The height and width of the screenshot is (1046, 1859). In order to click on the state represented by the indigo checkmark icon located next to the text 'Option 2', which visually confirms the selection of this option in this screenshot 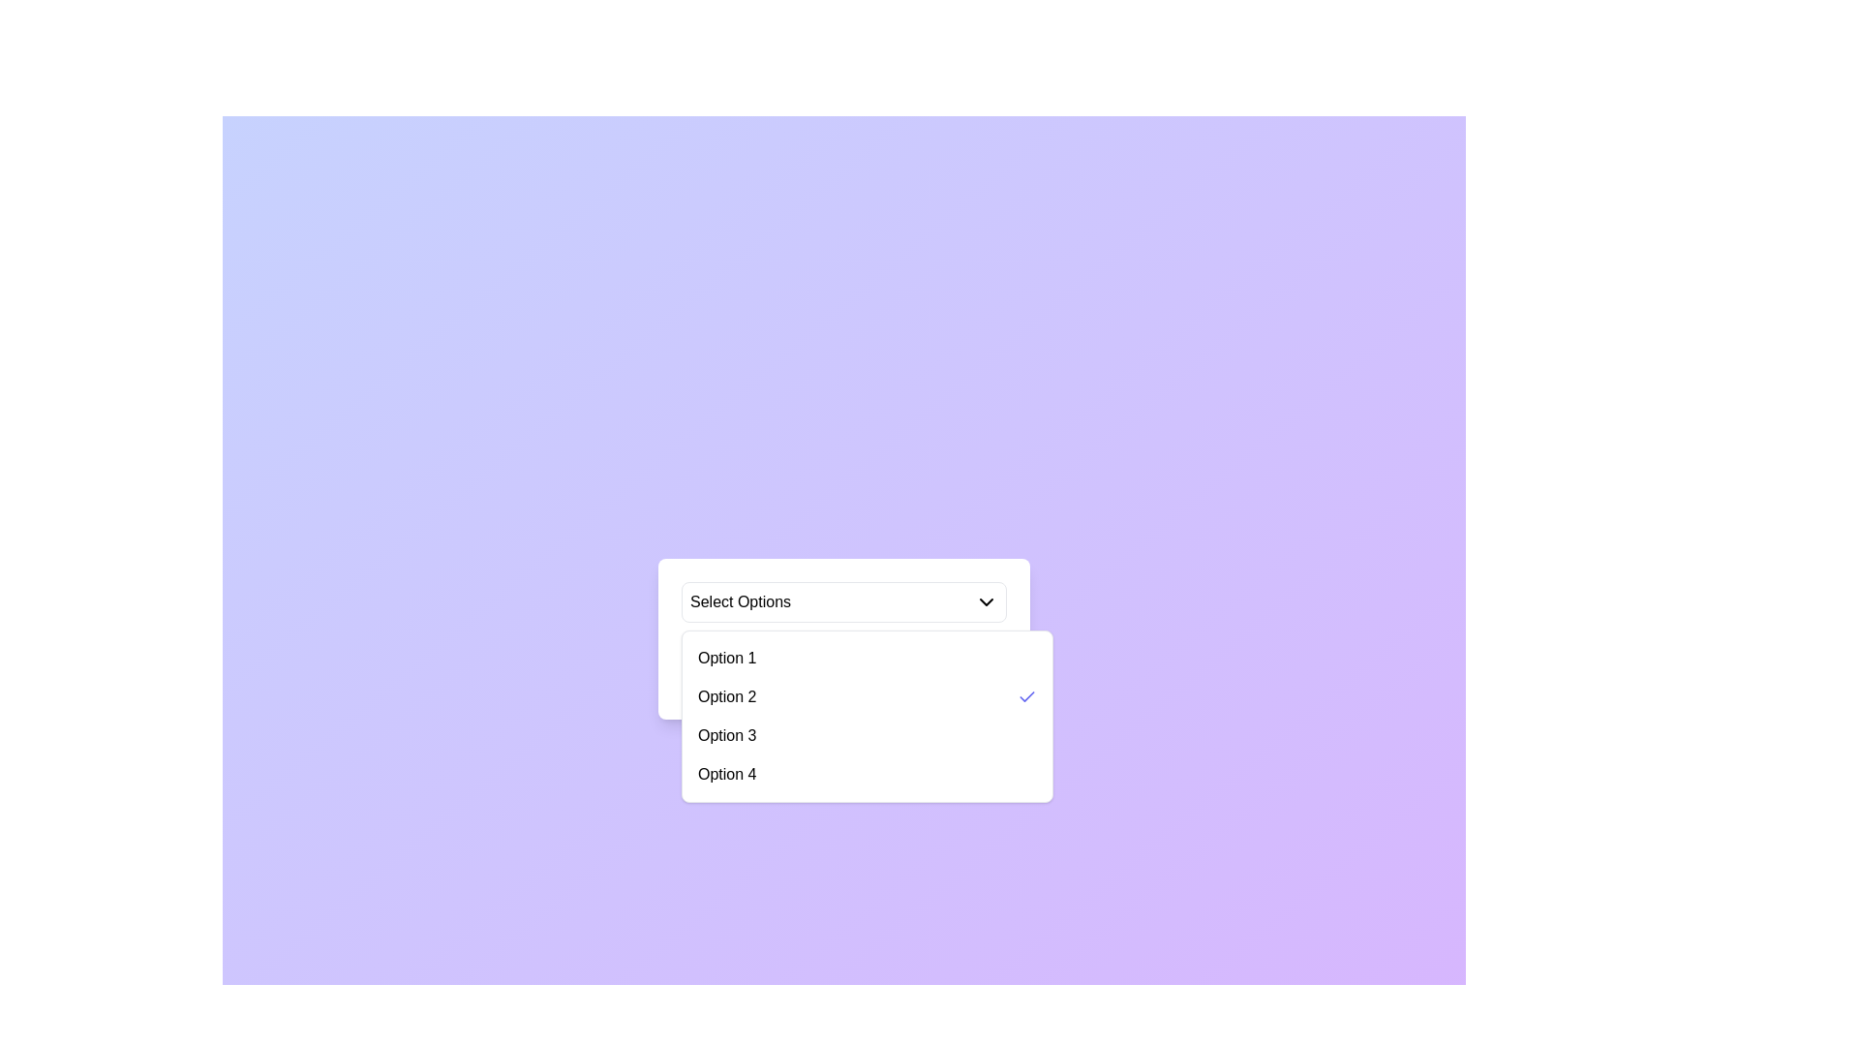, I will do `click(1025, 697)`.